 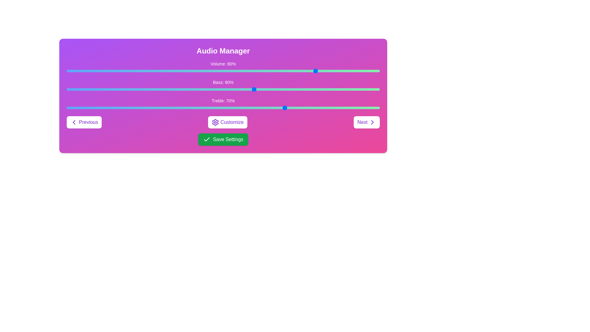 What do you see at coordinates (367, 89) in the screenshot?
I see `the bass level` at bounding box center [367, 89].